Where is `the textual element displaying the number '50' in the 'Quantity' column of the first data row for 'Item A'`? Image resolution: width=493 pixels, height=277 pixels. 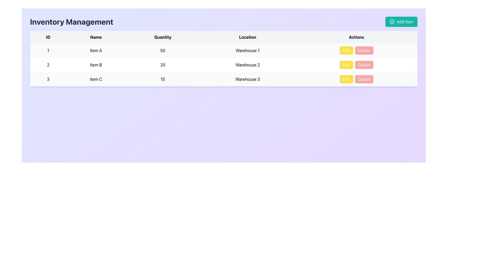 the textual element displaying the number '50' in the 'Quantity' column of the first data row for 'Item A' is located at coordinates (162, 50).